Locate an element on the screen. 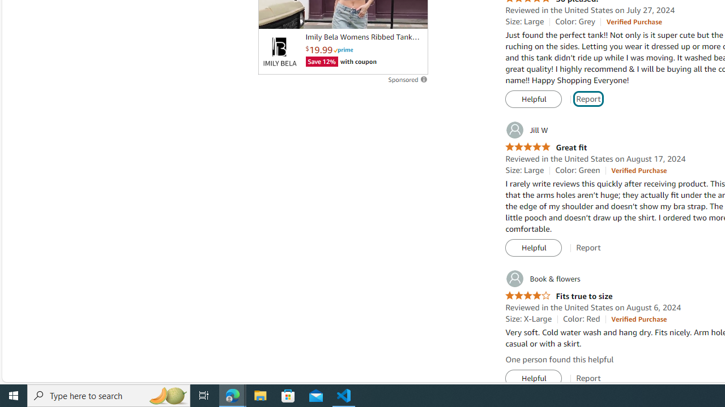 The height and width of the screenshot is (407, 725). 'Report' is located at coordinates (588, 378).